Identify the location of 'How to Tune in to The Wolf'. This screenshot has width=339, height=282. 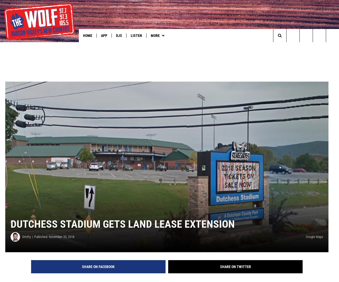
(188, 46).